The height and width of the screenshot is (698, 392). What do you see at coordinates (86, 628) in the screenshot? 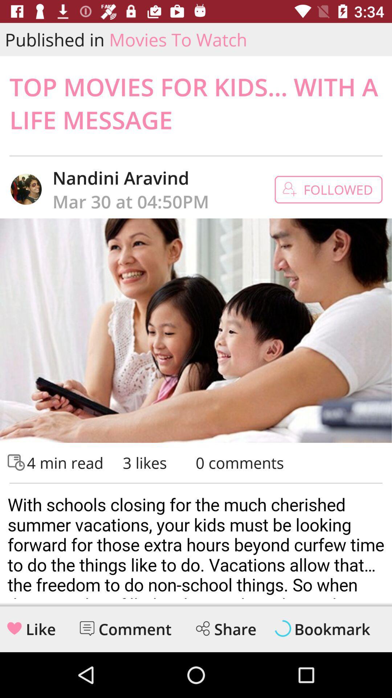
I see `comment` at bounding box center [86, 628].